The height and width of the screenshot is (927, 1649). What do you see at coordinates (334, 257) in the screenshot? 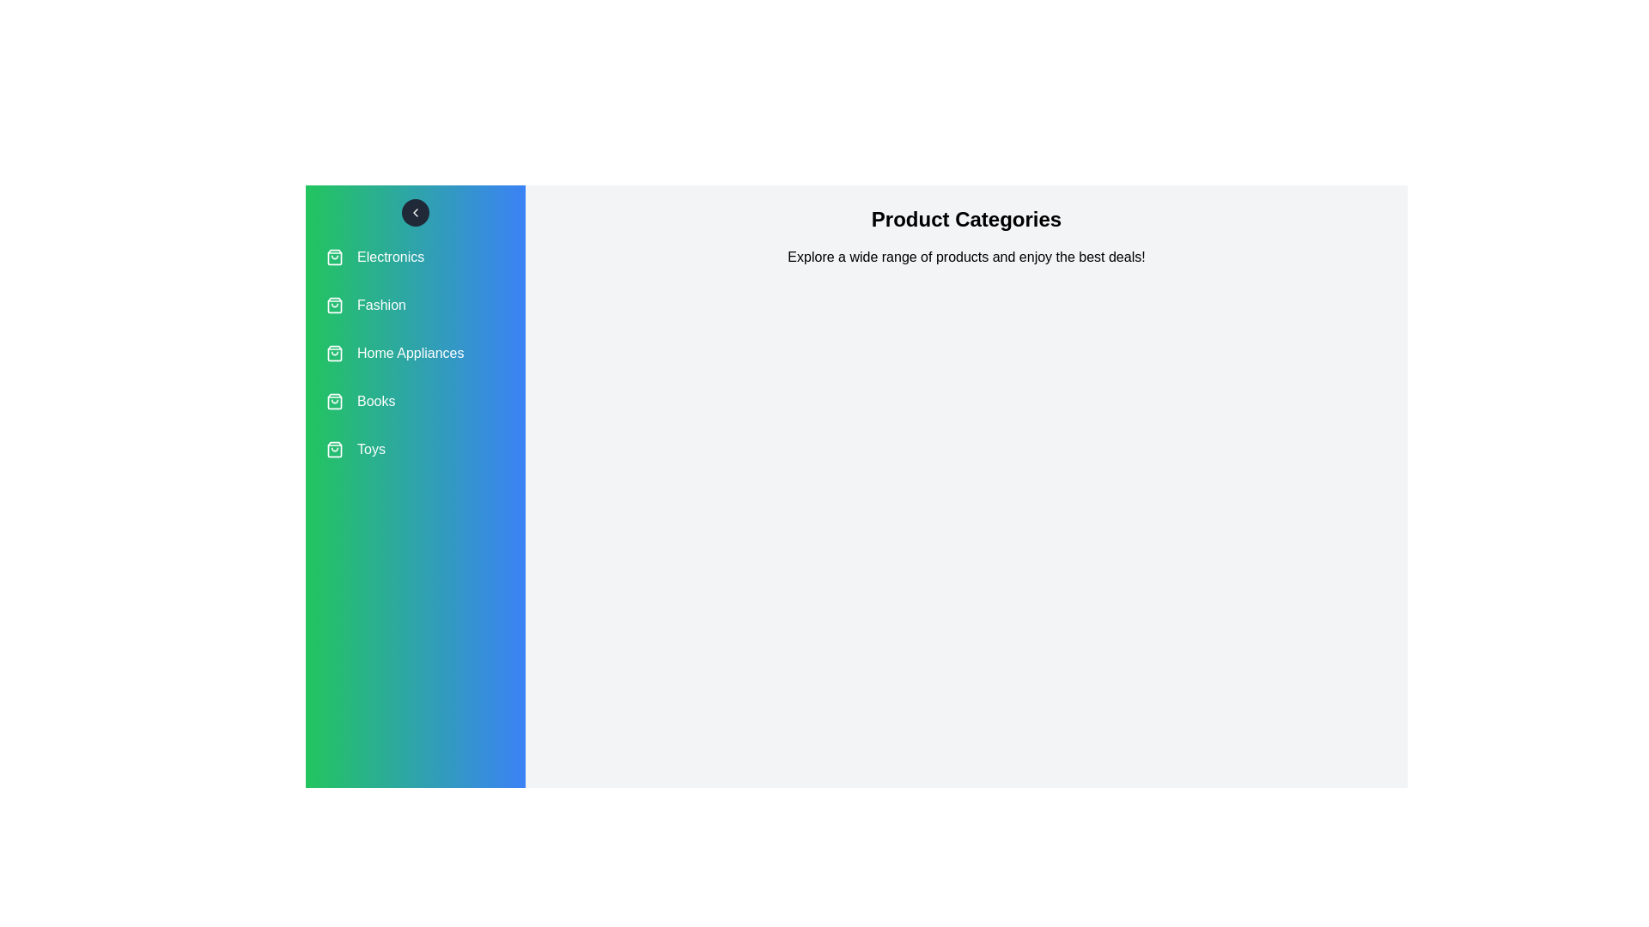
I see `the icon associated with the category Electronics` at bounding box center [334, 257].